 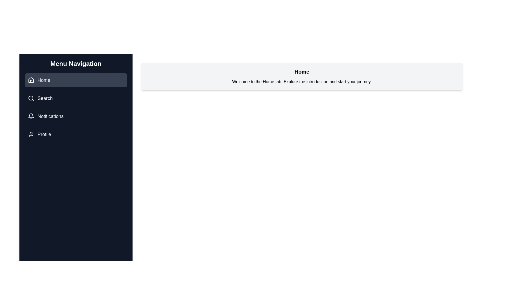 I want to click on the button labeled Home to reveal its hover effect, so click(x=75, y=80).